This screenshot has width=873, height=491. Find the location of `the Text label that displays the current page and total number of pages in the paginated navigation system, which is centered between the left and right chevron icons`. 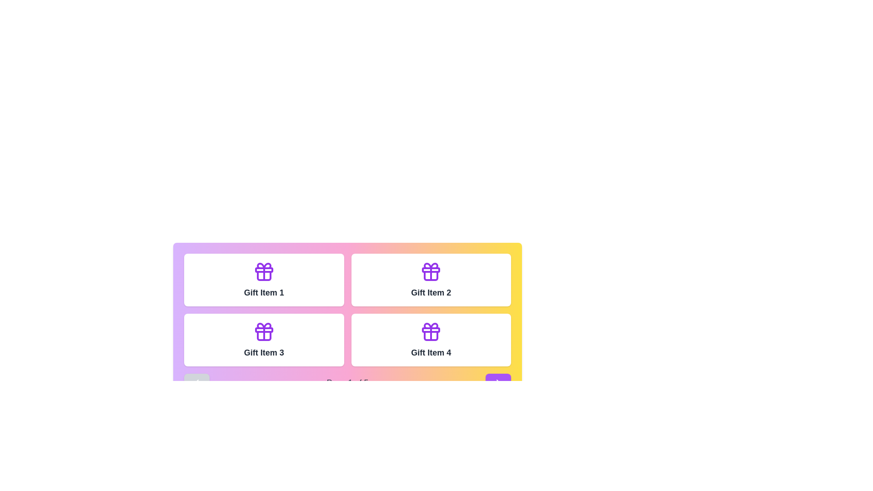

the Text label that displays the current page and total number of pages in the paginated navigation system, which is centered between the left and right chevron icons is located at coordinates (347, 382).